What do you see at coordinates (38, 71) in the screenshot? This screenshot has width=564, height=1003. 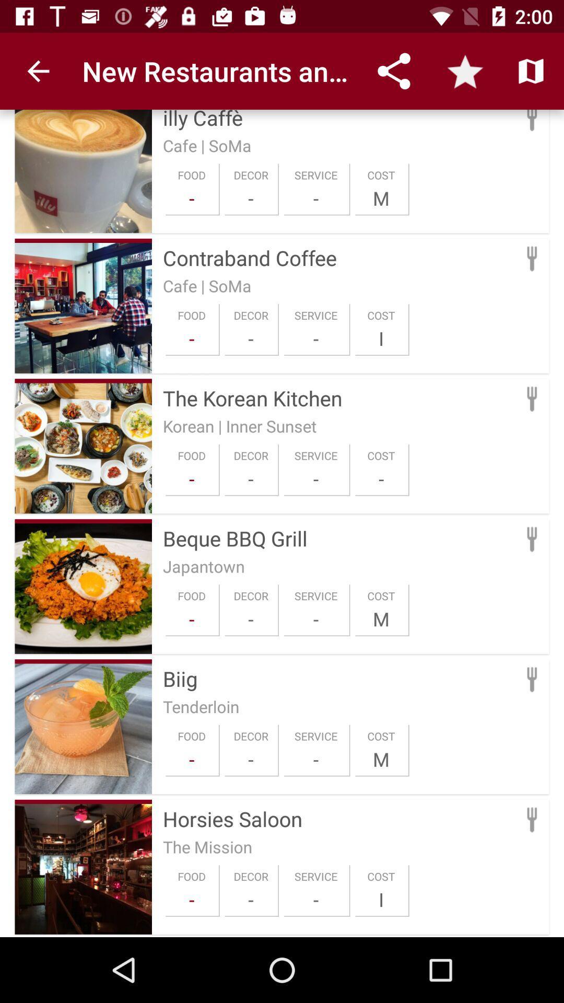 I see `app next to new restaurants and app` at bounding box center [38, 71].